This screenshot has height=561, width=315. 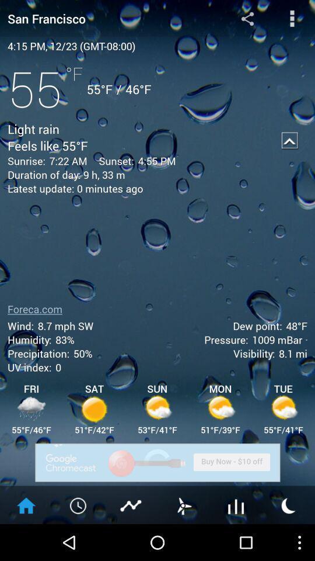 I want to click on dark mode, so click(x=288, y=504).